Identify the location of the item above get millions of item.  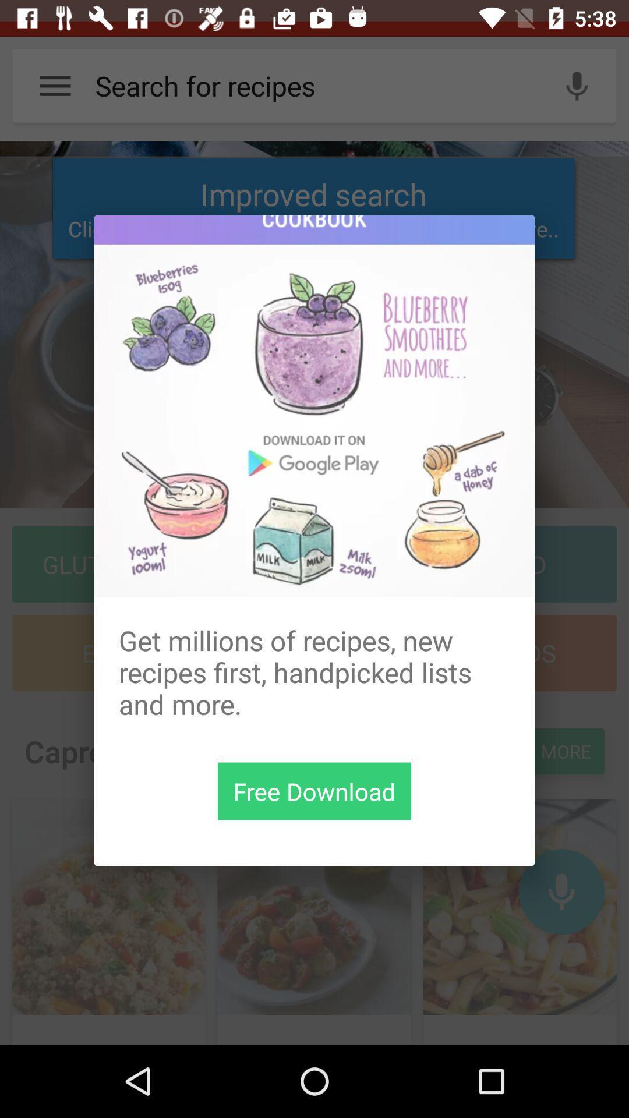
(314, 406).